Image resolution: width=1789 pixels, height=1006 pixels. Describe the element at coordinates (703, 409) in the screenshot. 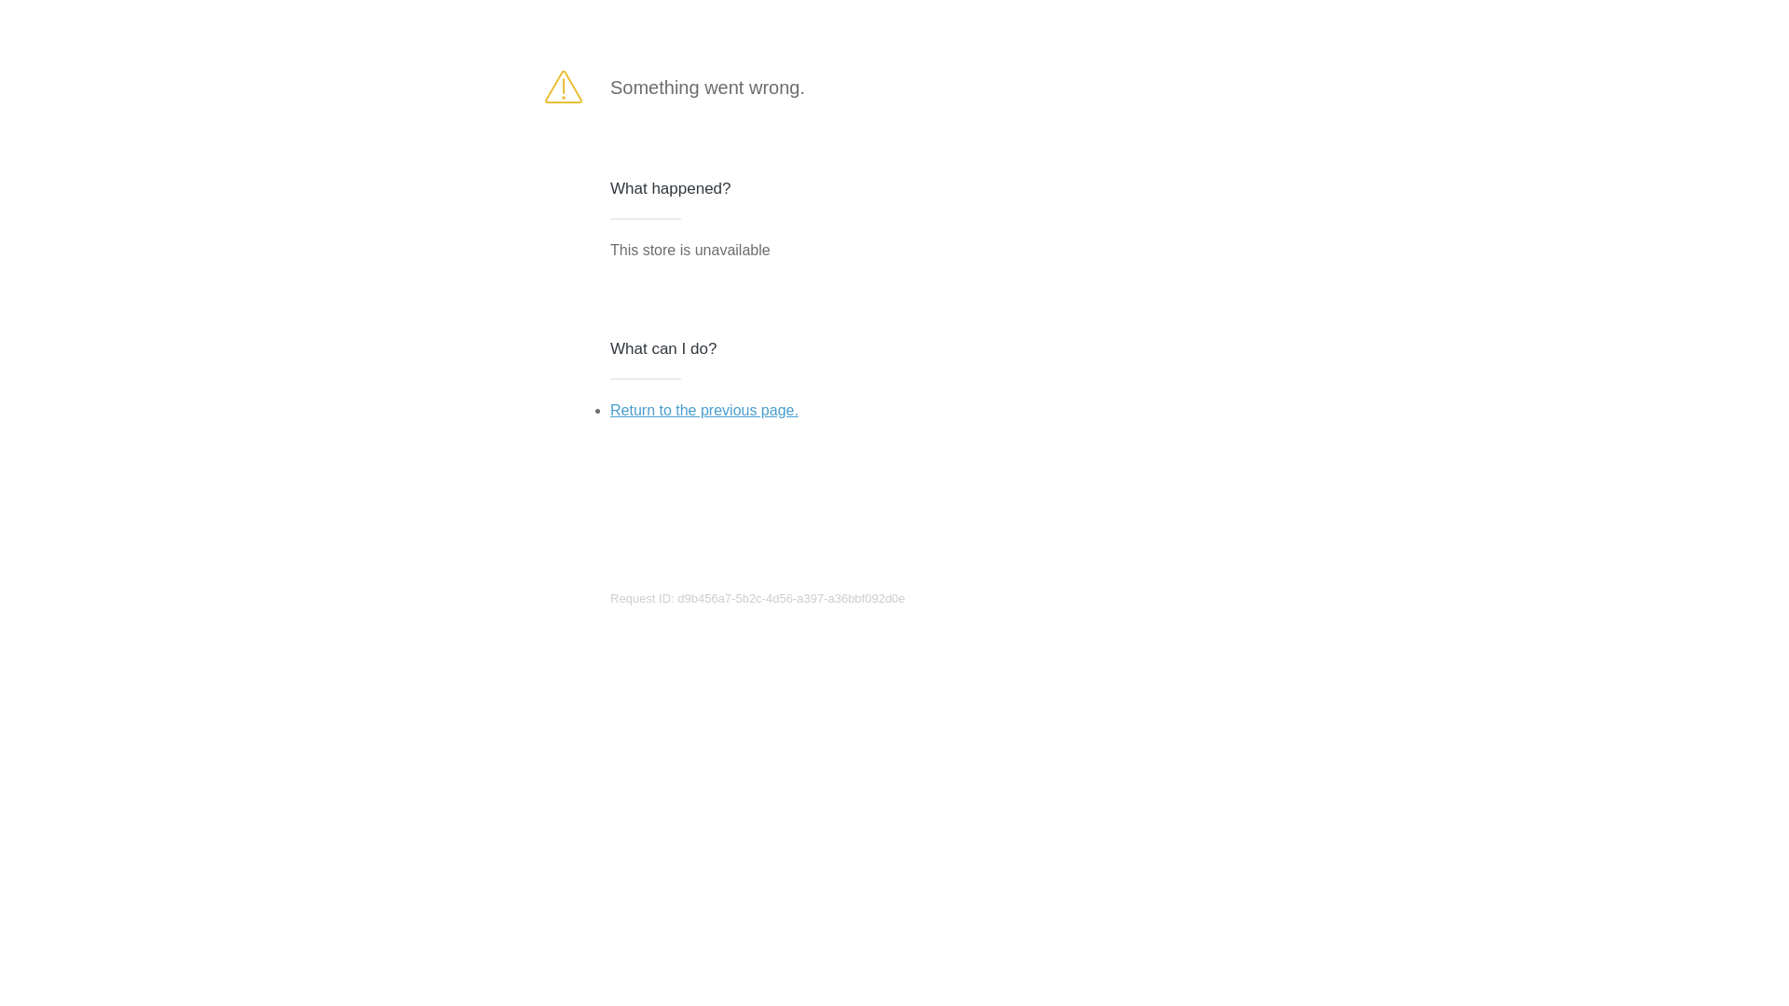

I see `'Return to the previous page.'` at that location.